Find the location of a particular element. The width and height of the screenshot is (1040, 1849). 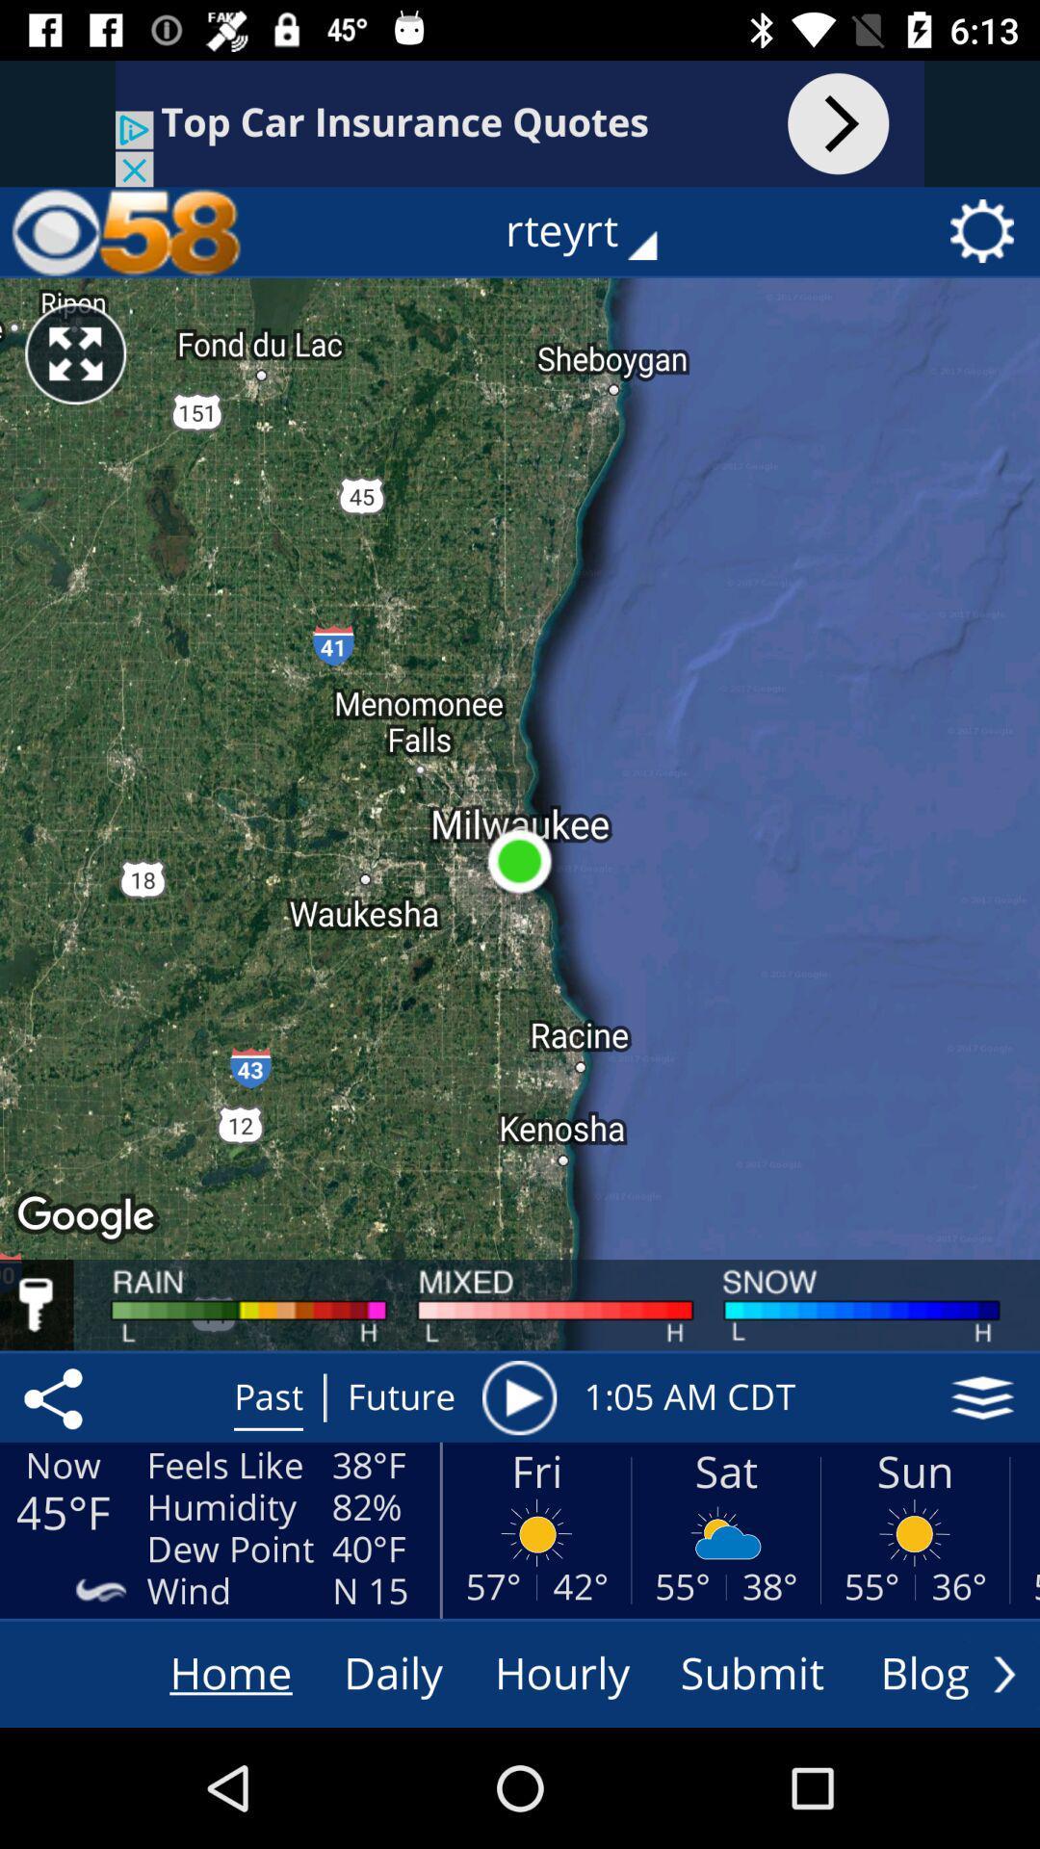

more options hamburger button is located at coordinates (982, 1397).